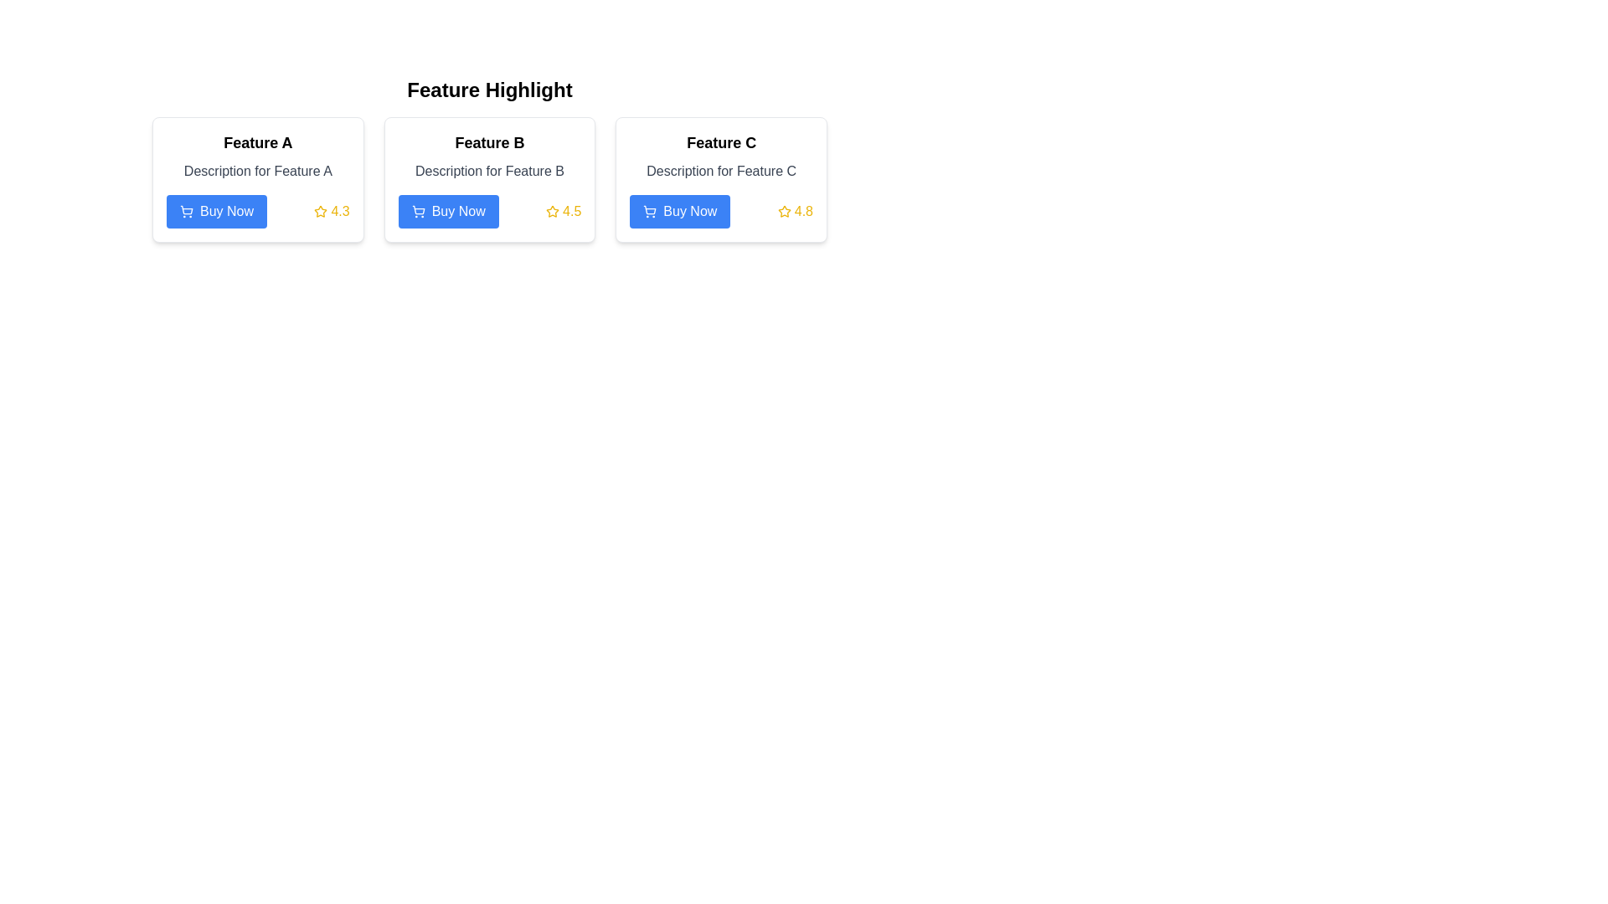 Image resolution: width=1608 pixels, height=904 pixels. What do you see at coordinates (783, 210) in the screenshot?
I see `the star-shaped icon with a hollow design, which is used to depict ratings or favorites, located adjacent to the numeric rating '4.5' and to the right of the 'Buy Now' button` at bounding box center [783, 210].